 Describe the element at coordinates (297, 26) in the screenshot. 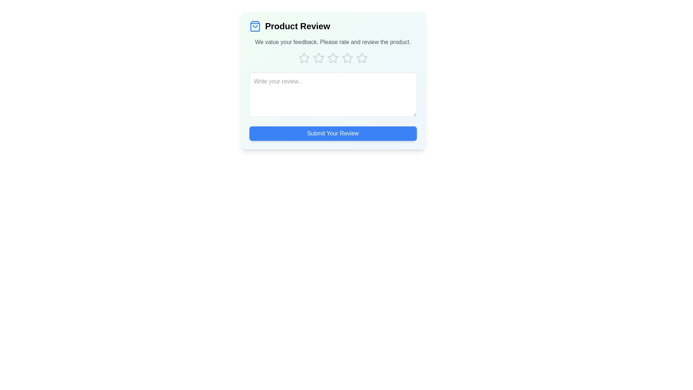

I see `the static text element that serves as a heading for the product review section, located centrally at the top of the review section card` at that location.